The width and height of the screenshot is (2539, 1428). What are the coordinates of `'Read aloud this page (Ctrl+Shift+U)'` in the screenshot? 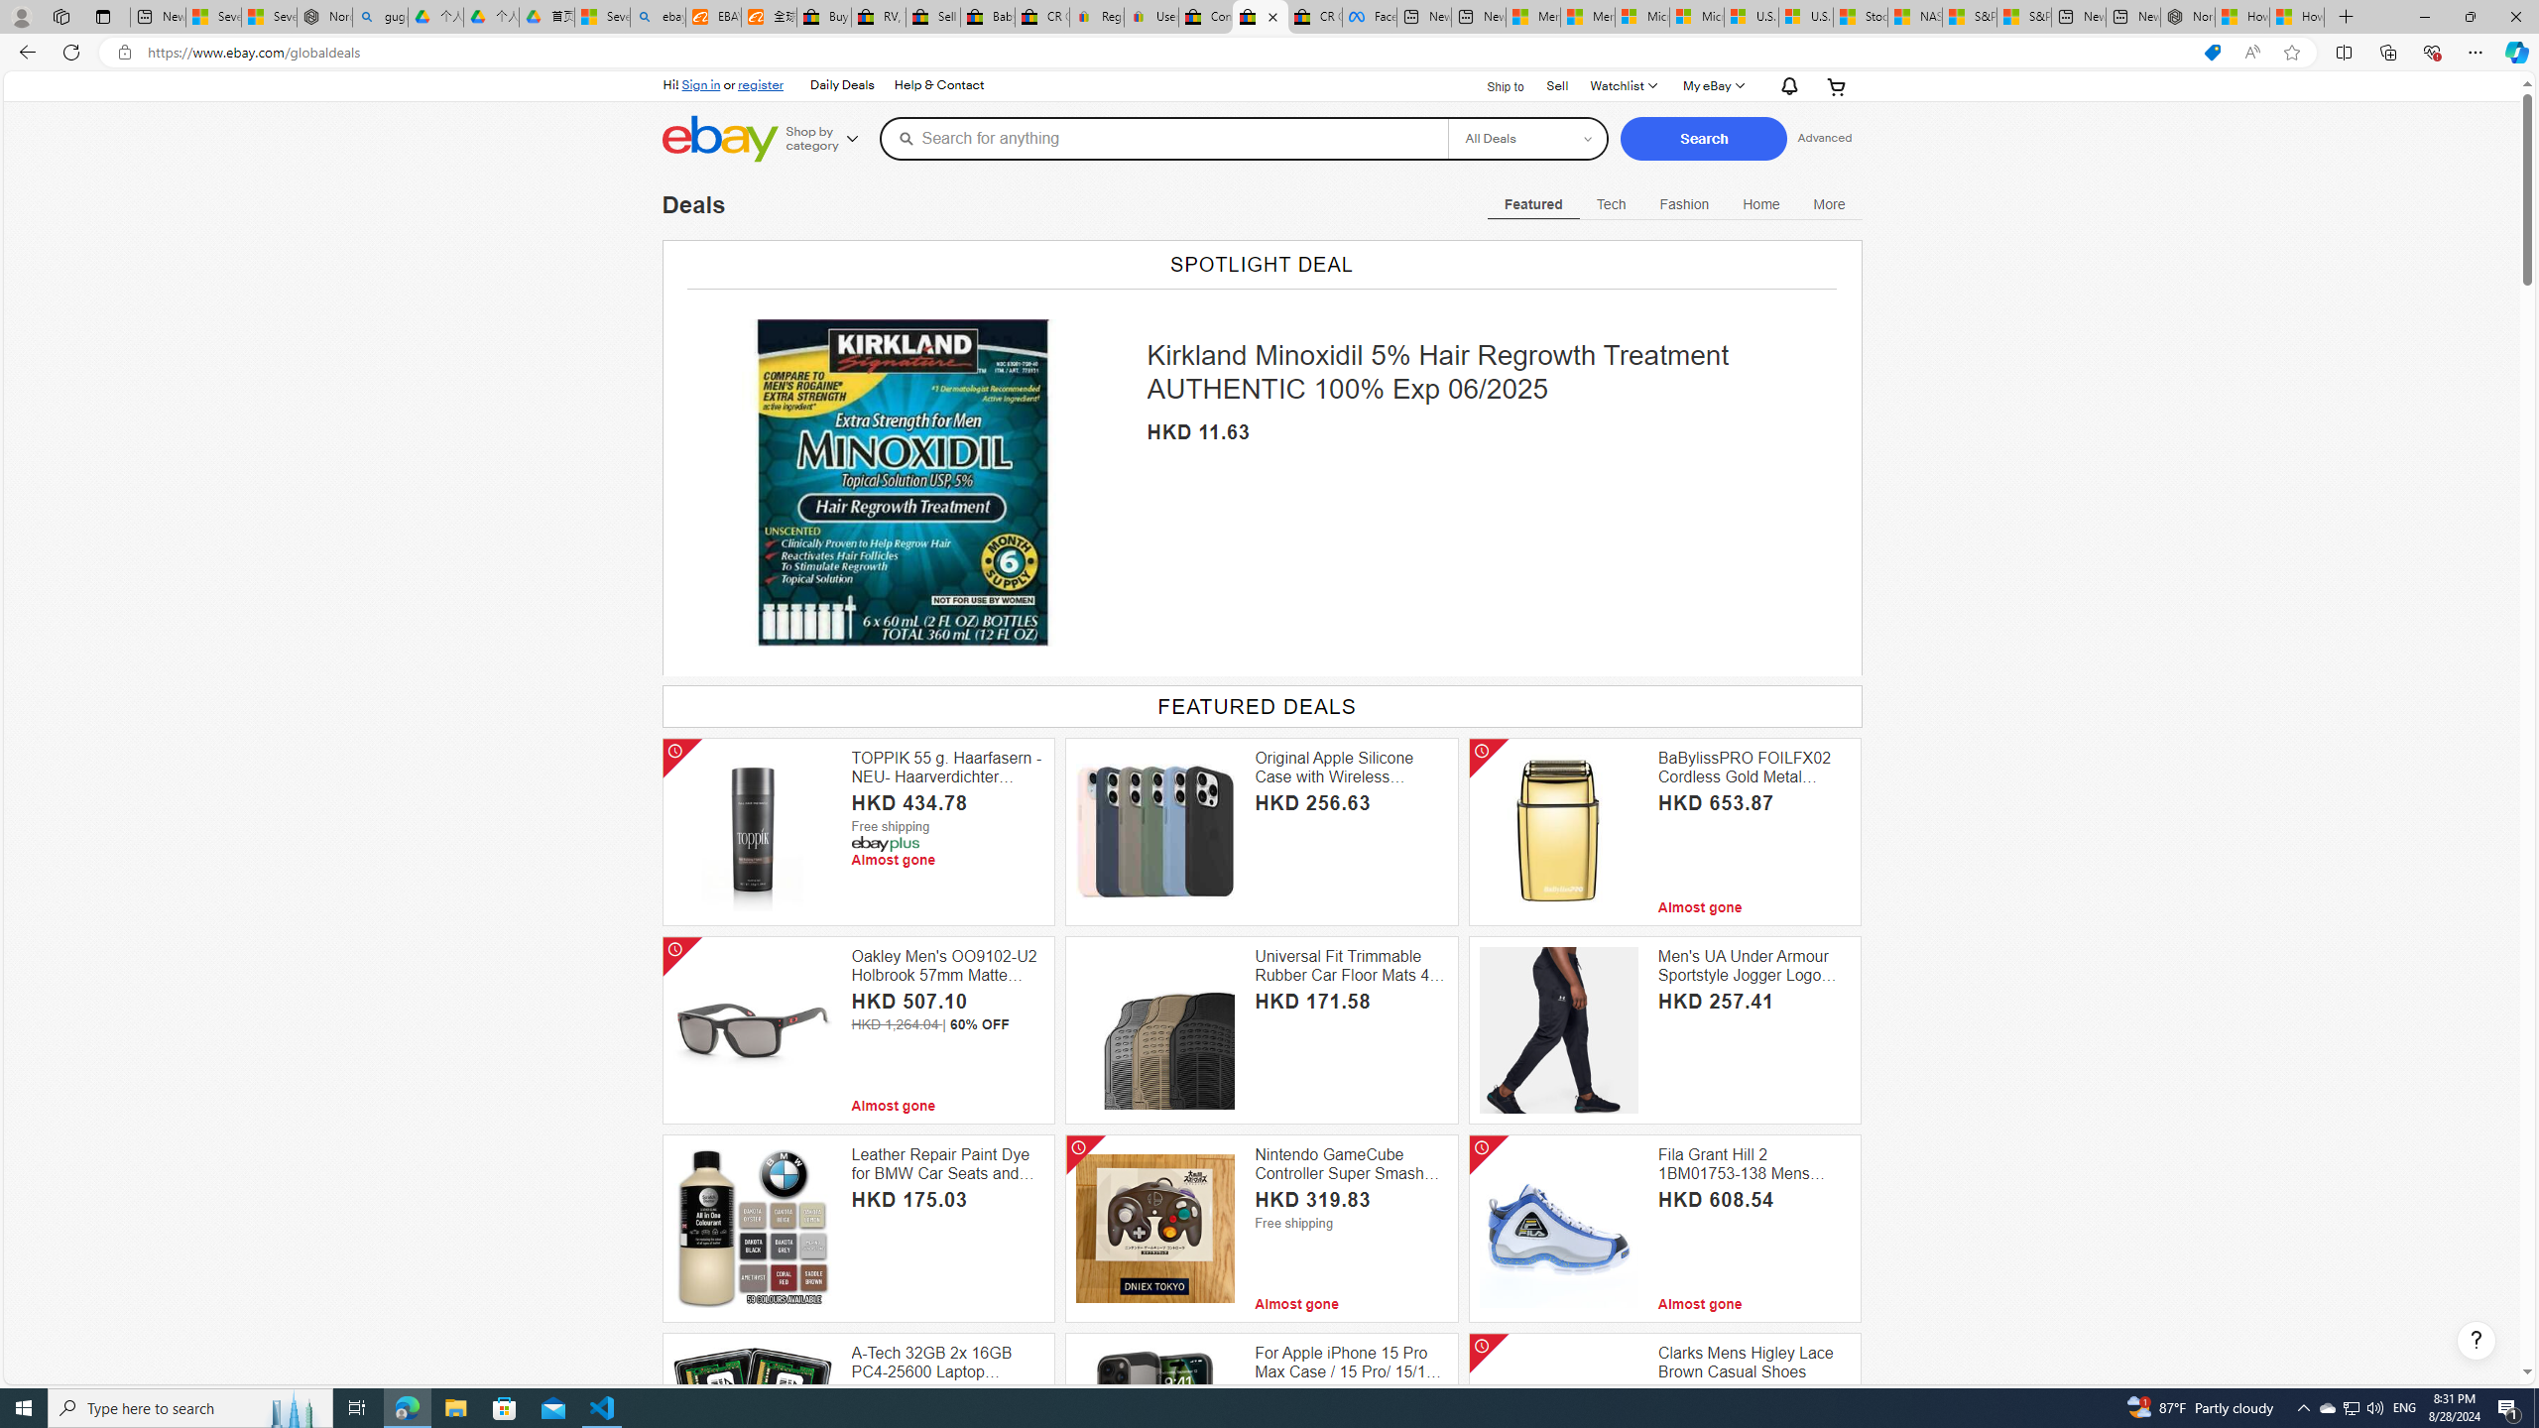 It's located at (2251, 53).